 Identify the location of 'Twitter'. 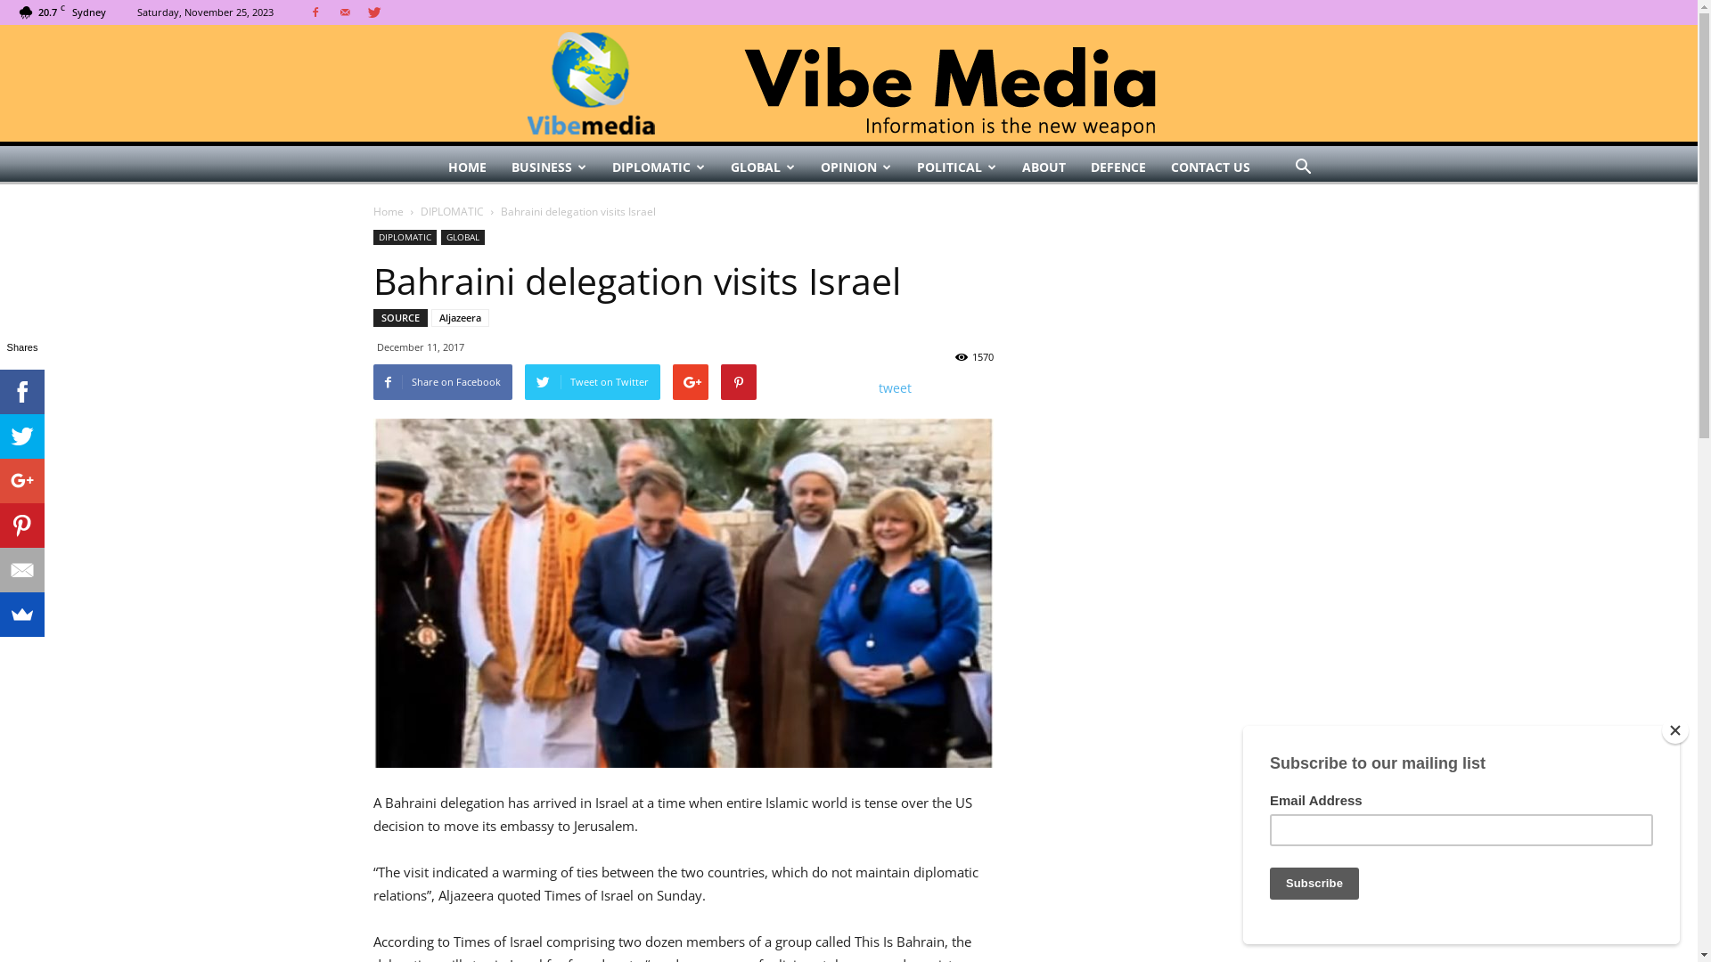
(359, 12).